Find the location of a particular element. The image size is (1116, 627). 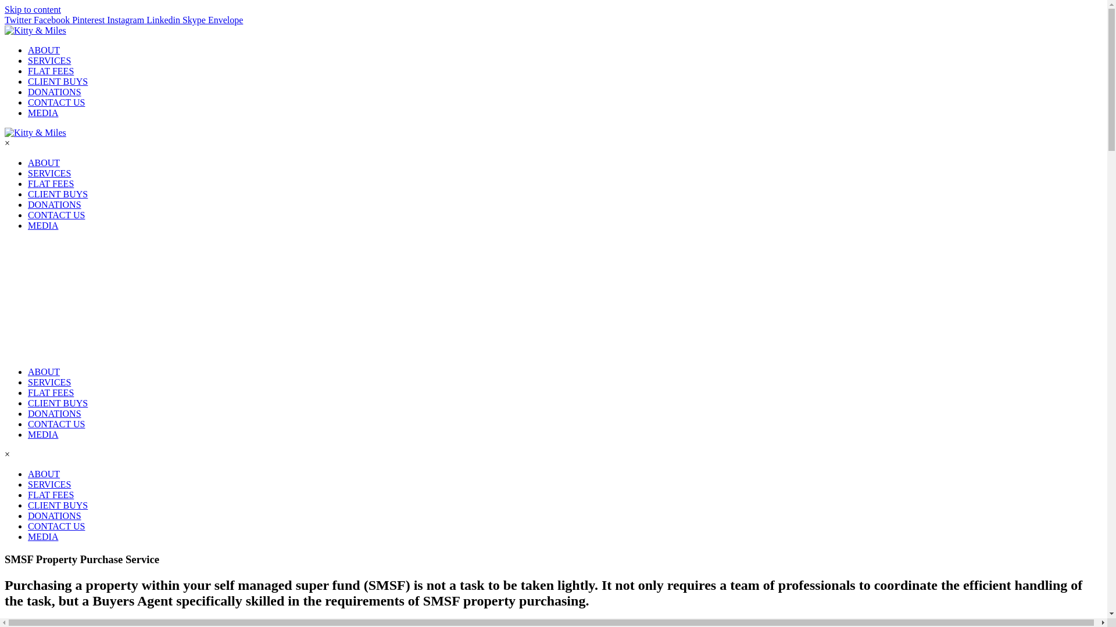

'DONATIONS' is located at coordinates (54, 515).